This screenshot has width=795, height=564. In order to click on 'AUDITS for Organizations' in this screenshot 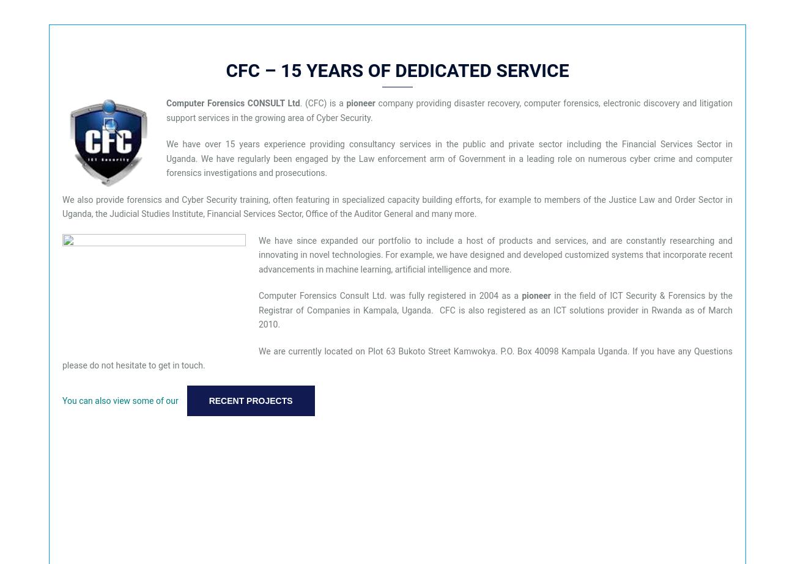, I will do `click(544, 75)`.